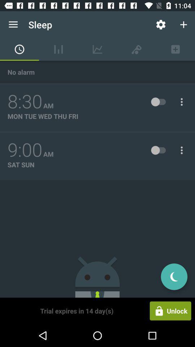 The width and height of the screenshot is (195, 347). What do you see at coordinates (25, 101) in the screenshot?
I see `the 8:30` at bounding box center [25, 101].